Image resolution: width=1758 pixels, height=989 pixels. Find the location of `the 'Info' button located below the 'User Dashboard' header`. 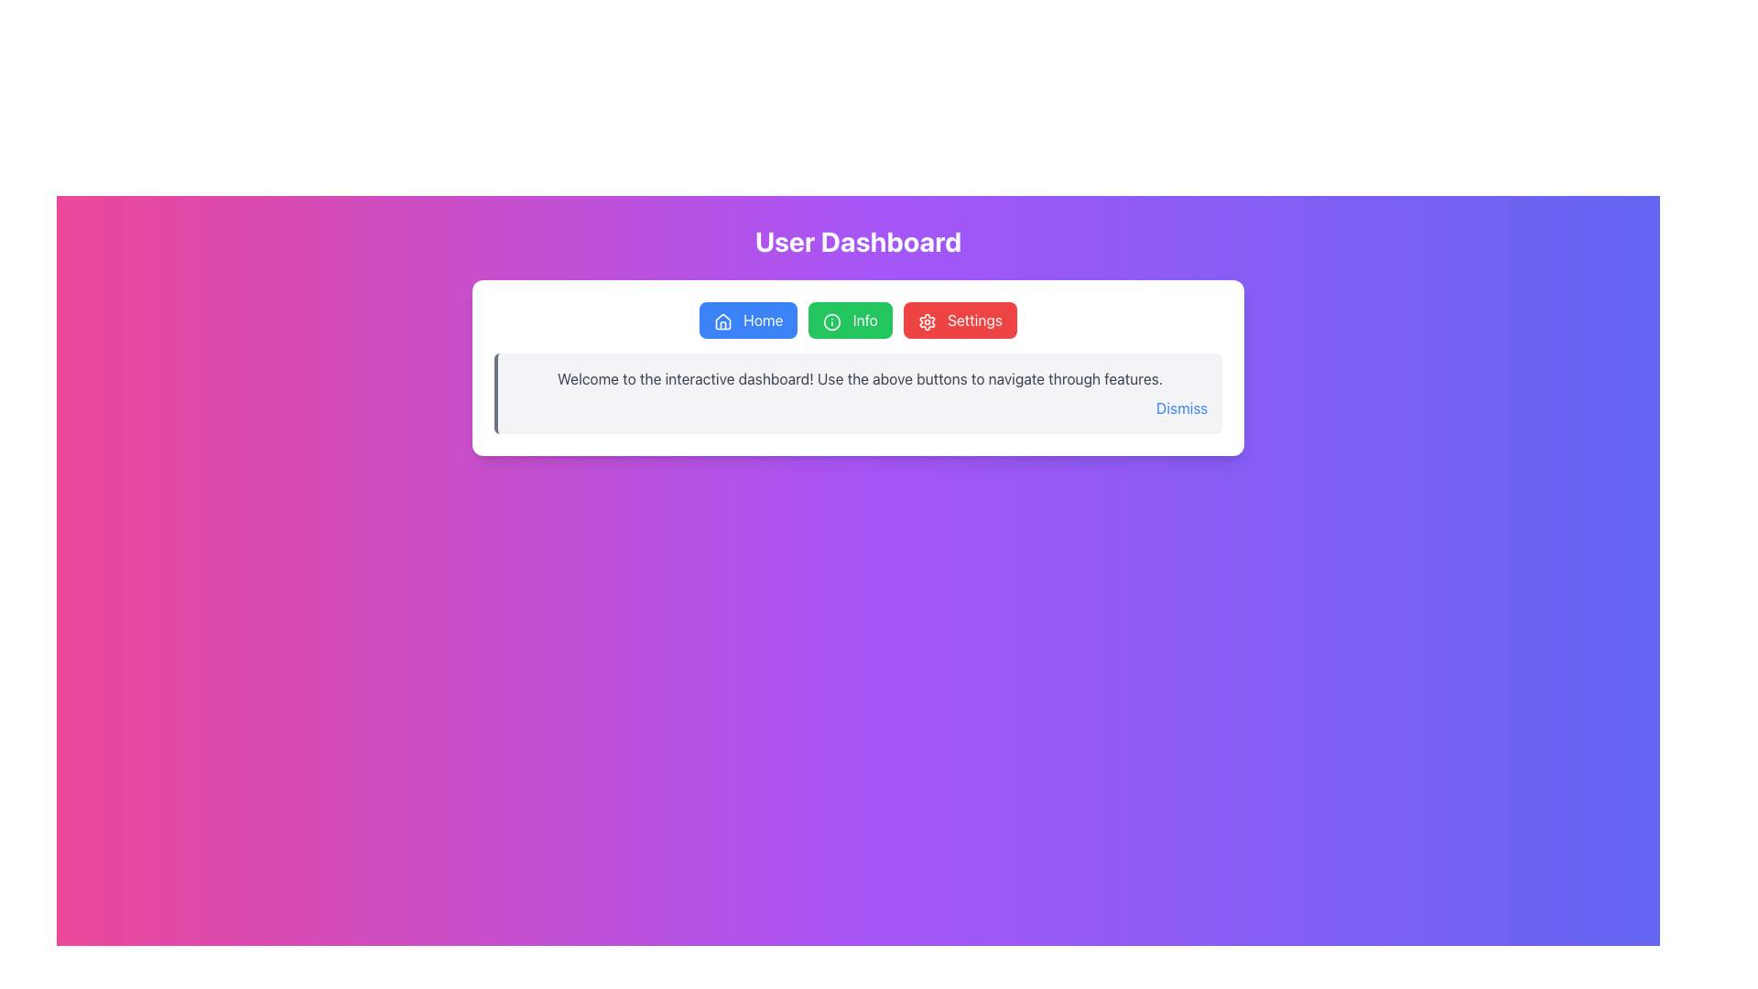

the 'Info' button located below the 'User Dashboard' header is located at coordinates (857, 320).